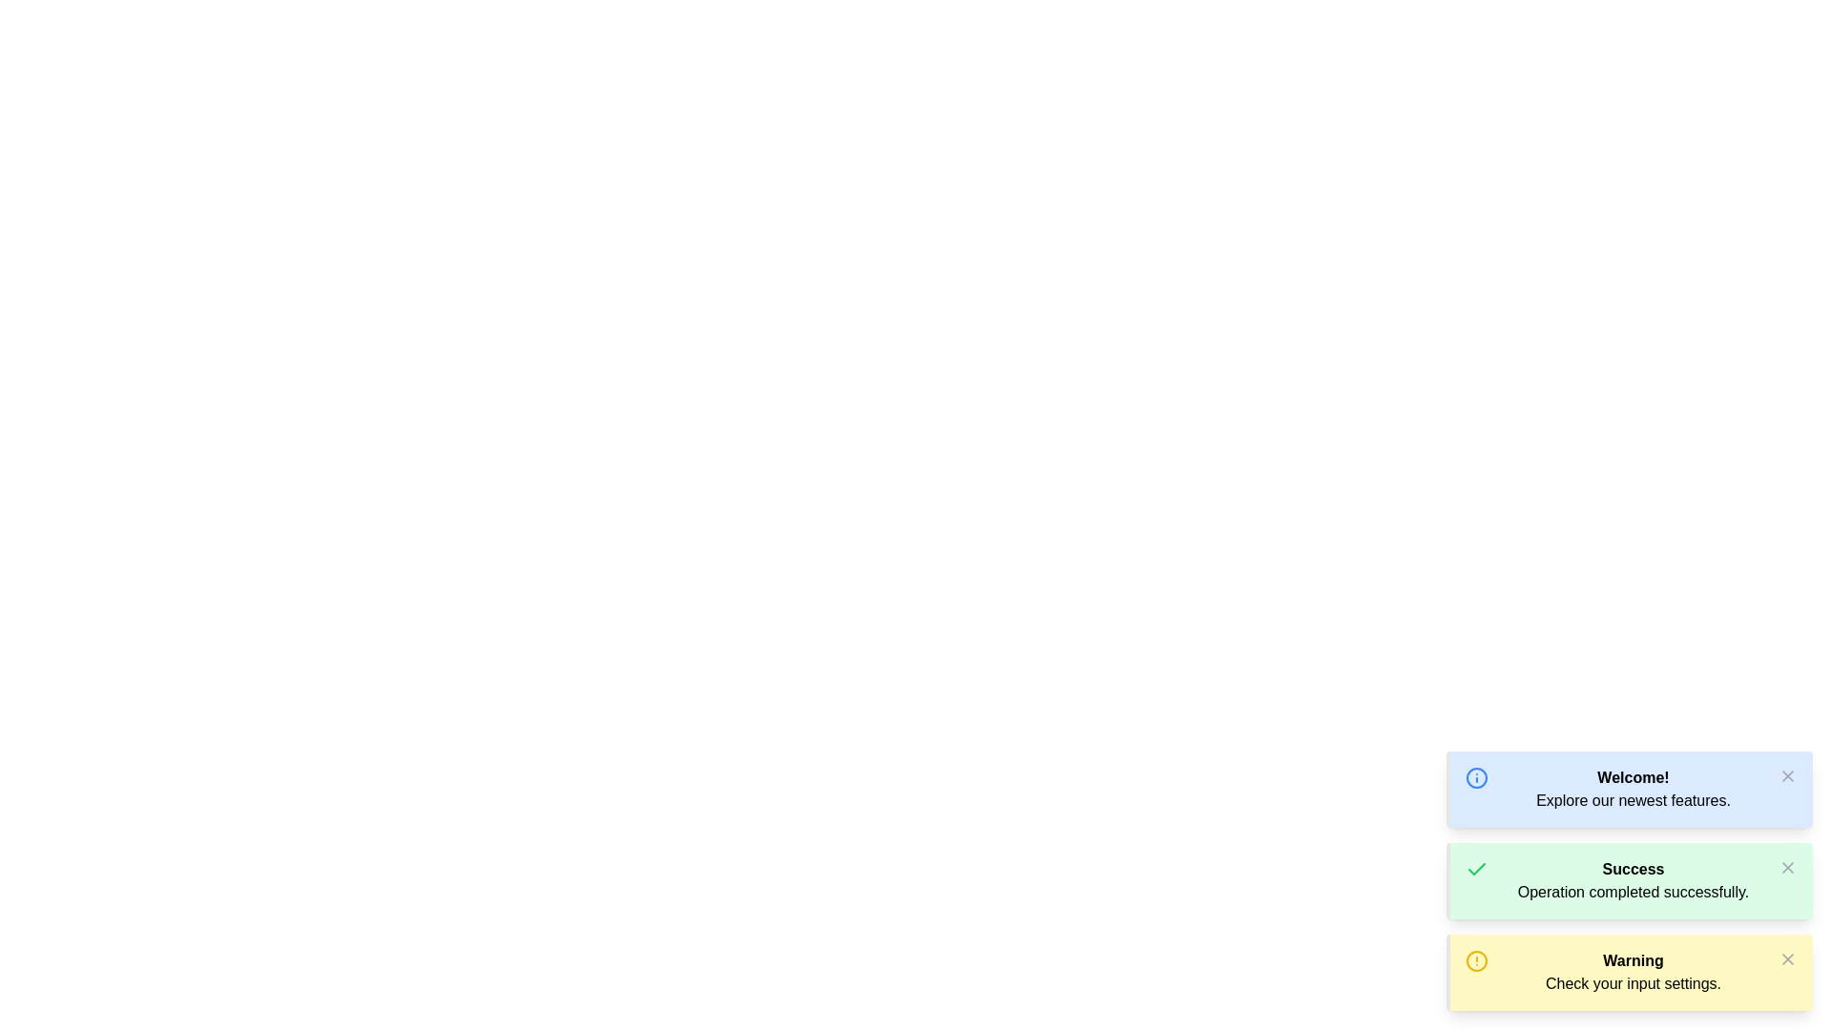 The image size is (1832, 1030). Describe the element at coordinates (1476, 869) in the screenshot. I see `the success indication icon located at the top left of the 'Success' notification card, which is slightly to the left of the text 'Success'` at that location.